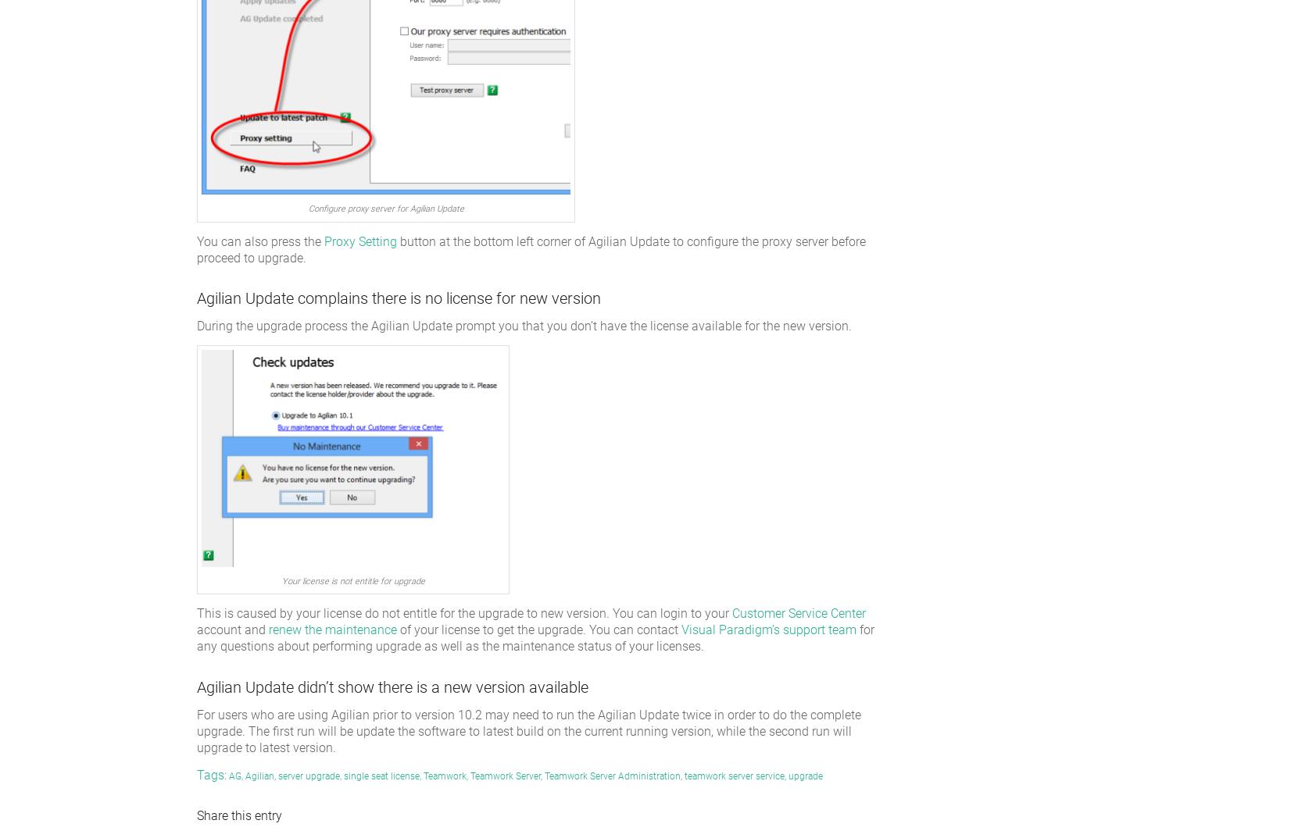 The height and width of the screenshot is (831, 1316). What do you see at coordinates (384, 209) in the screenshot?
I see `'Configure proxy server for Agilian Update'` at bounding box center [384, 209].